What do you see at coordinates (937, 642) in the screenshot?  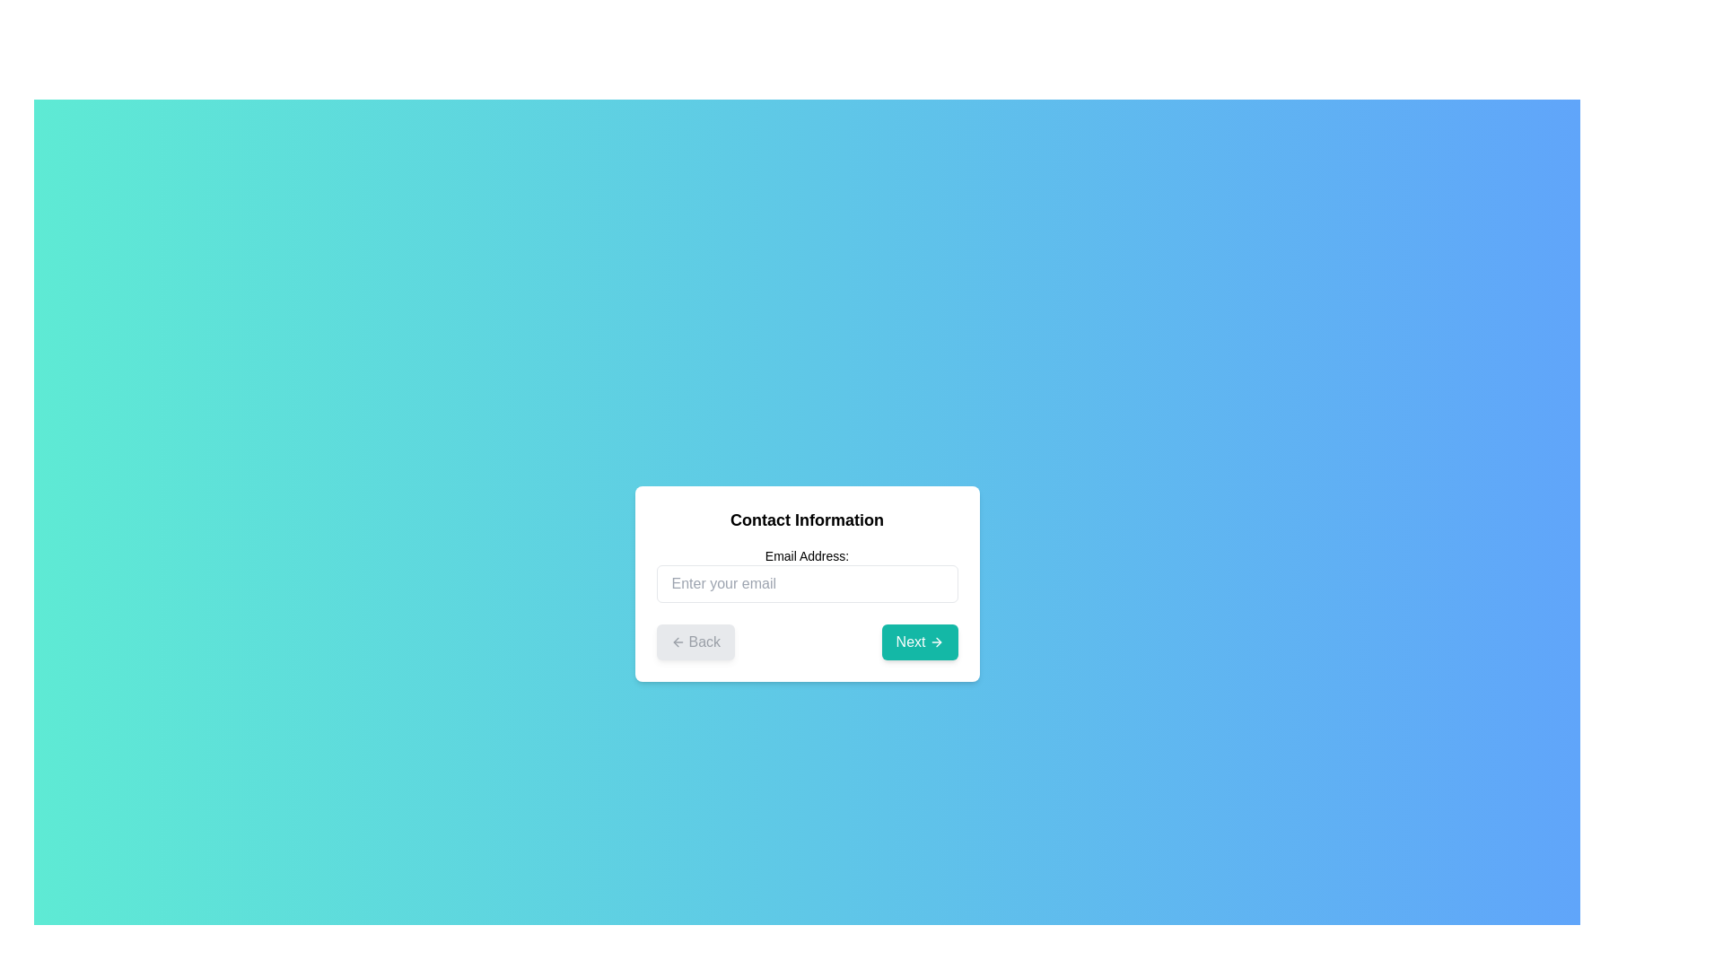 I see `the right-pointing arrow icon on the 'Next' button located in the lower-right corner of the centered panel` at bounding box center [937, 642].